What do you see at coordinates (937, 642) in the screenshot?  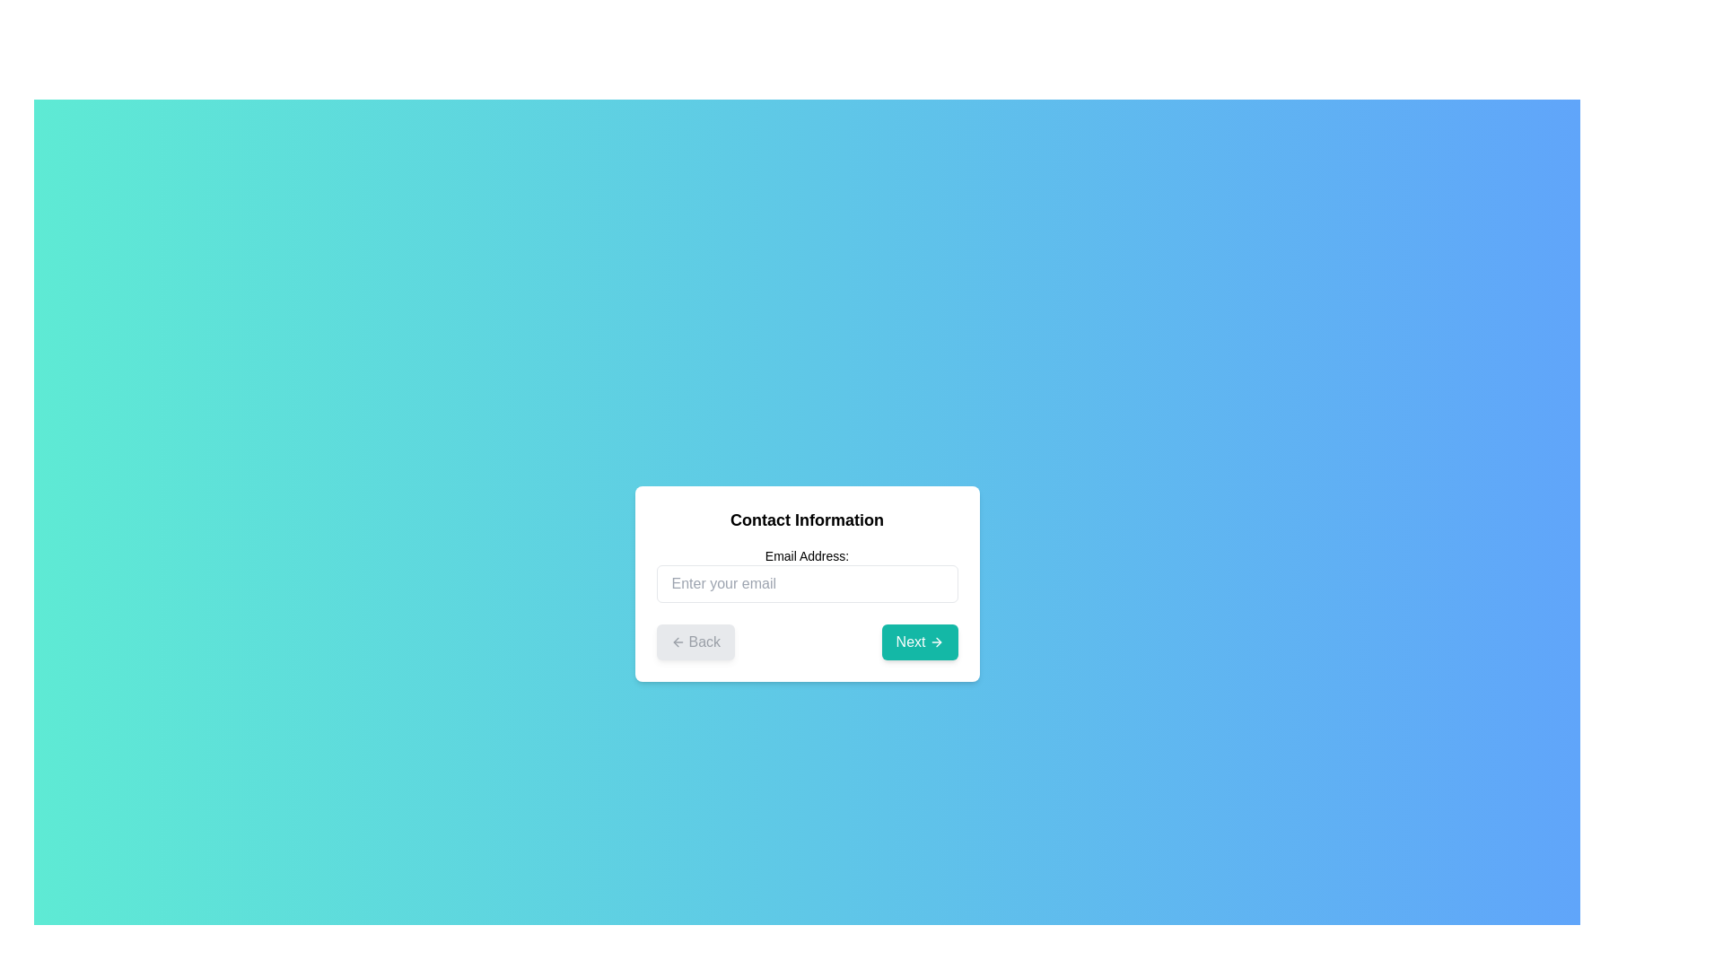 I see `the right-pointing arrow icon on the 'Next' button located in the lower-right corner of the centered panel` at bounding box center [937, 642].